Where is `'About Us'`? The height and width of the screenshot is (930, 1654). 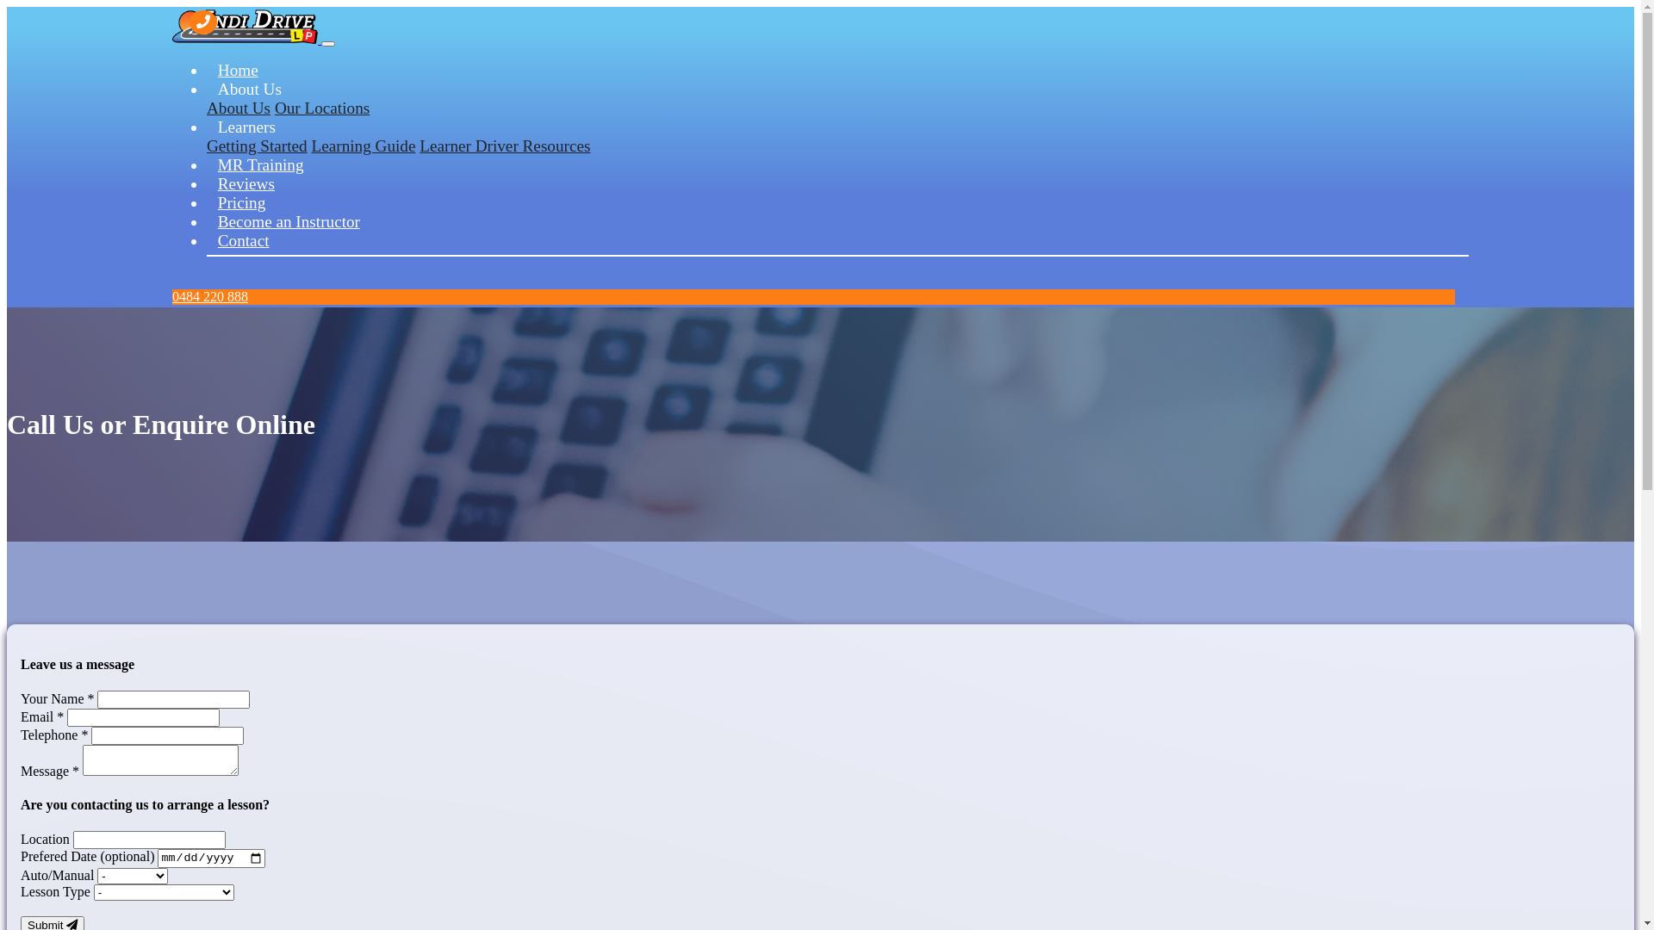 'About Us' is located at coordinates (248, 89).